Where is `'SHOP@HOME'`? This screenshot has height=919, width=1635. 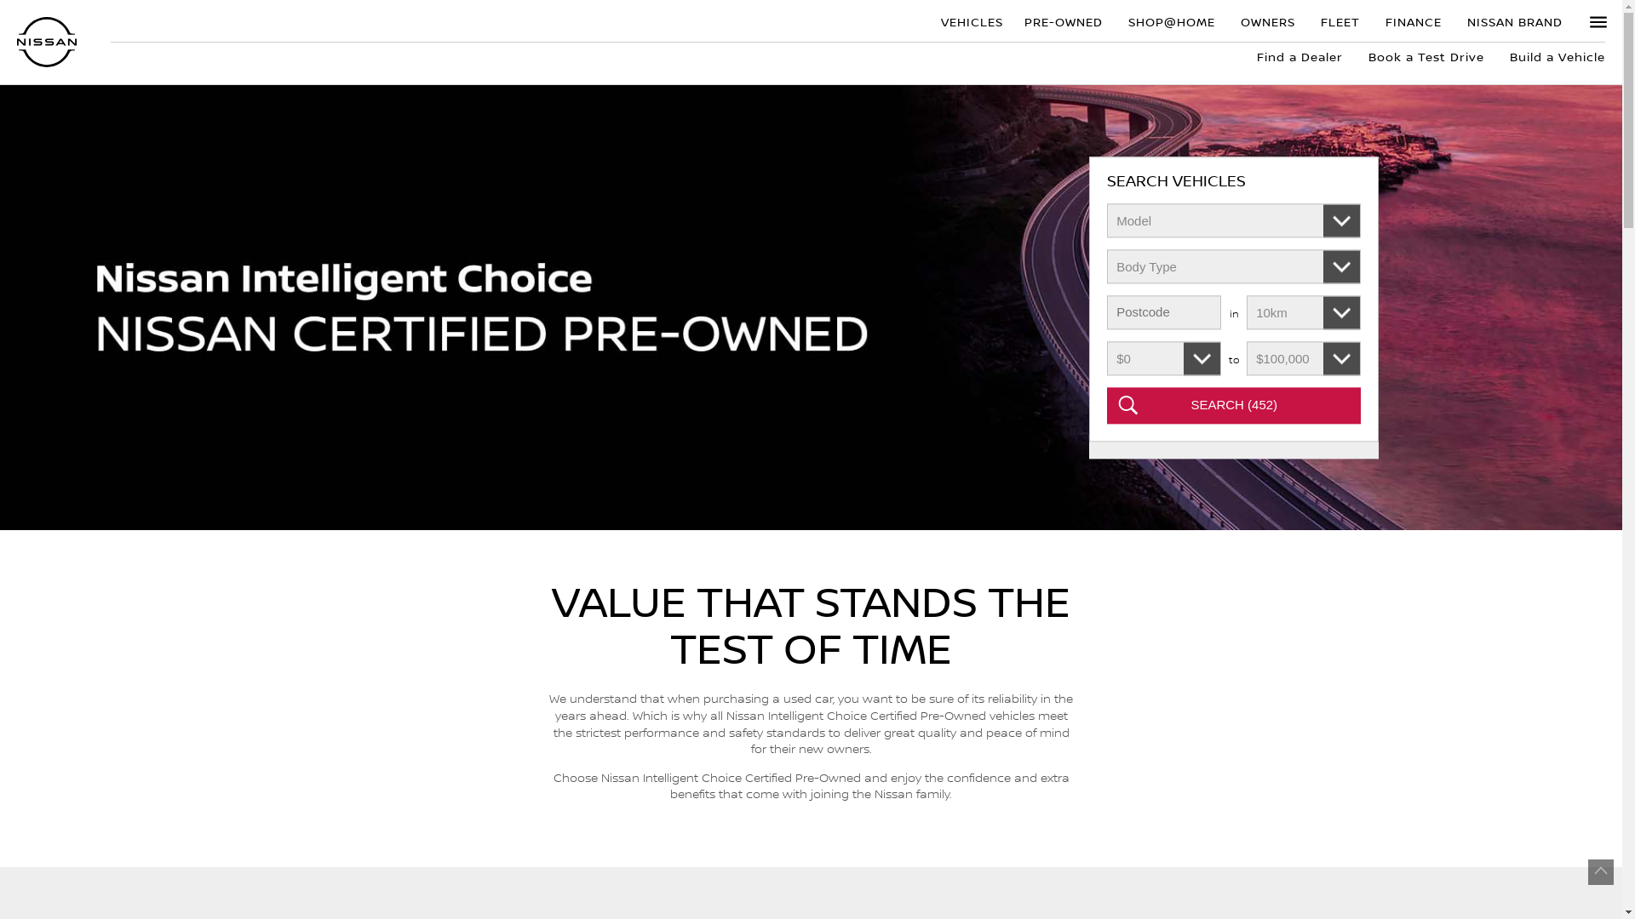
'SHOP@HOME' is located at coordinates (1171, 20).